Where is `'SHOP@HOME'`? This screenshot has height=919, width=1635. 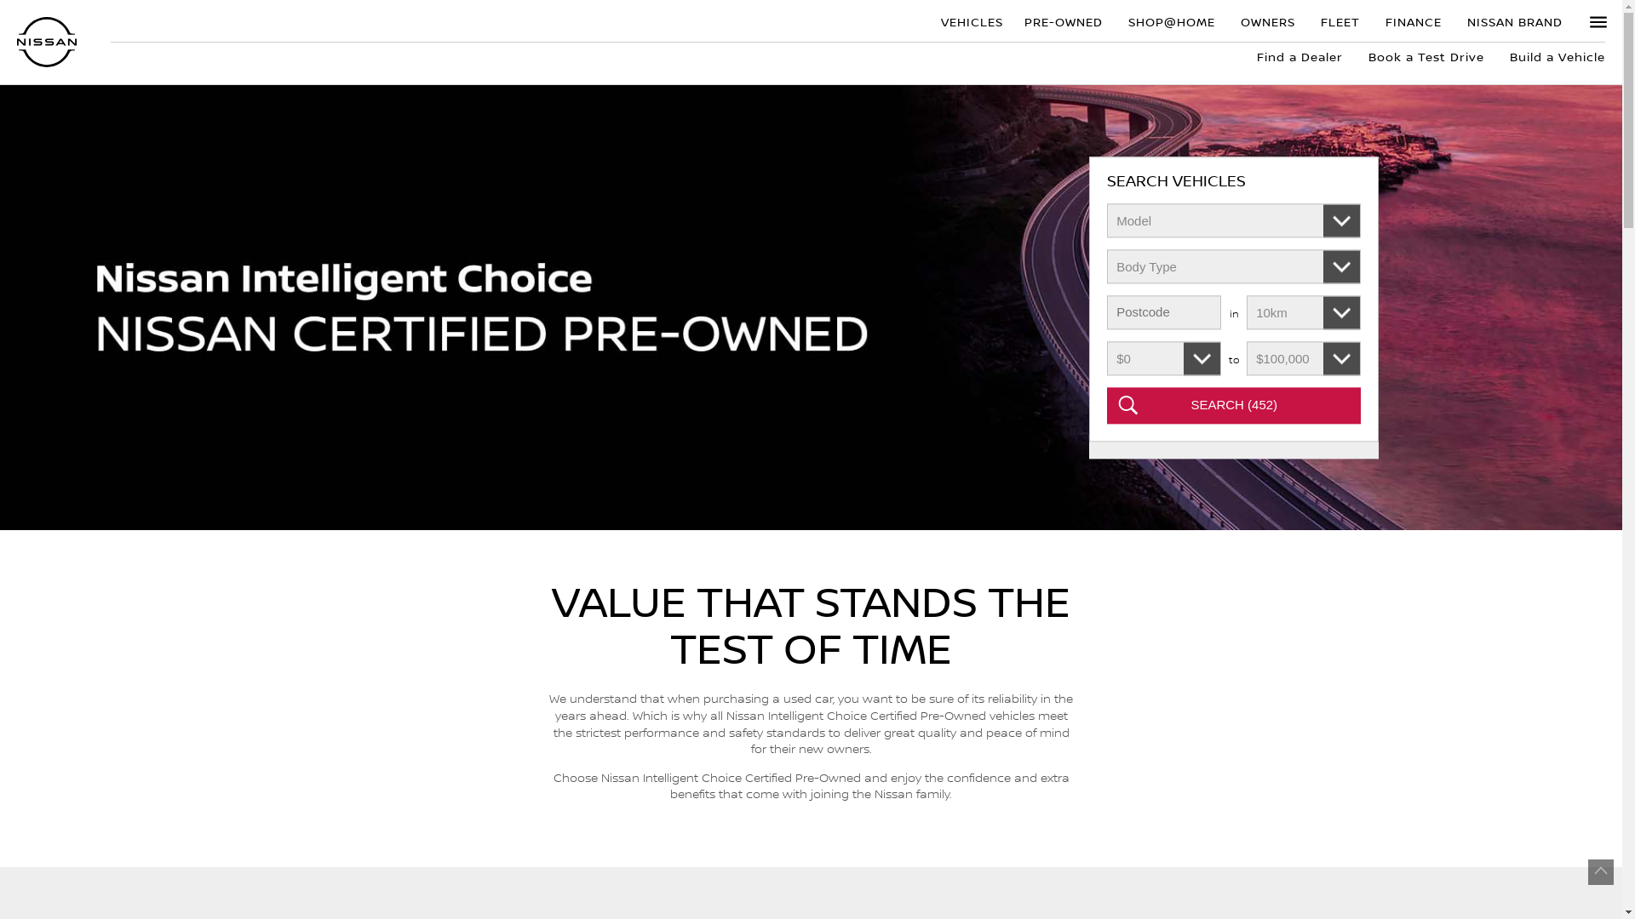
'SHOP@HOME' is located at coordinates (1171, 20).